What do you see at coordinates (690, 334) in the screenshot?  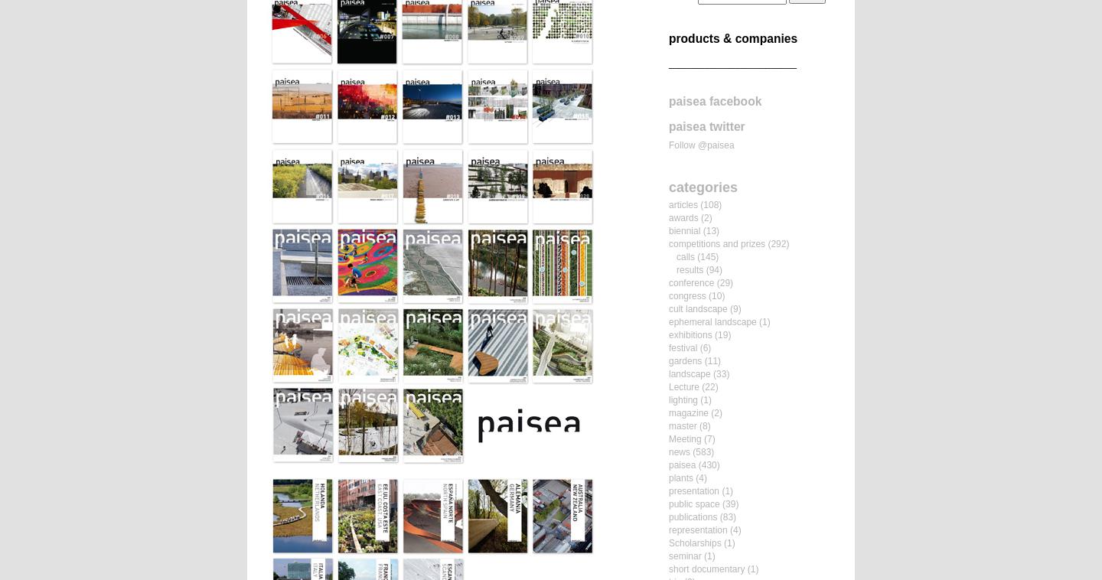 I see `'exhibitions'` at bounding box center [690, 334].